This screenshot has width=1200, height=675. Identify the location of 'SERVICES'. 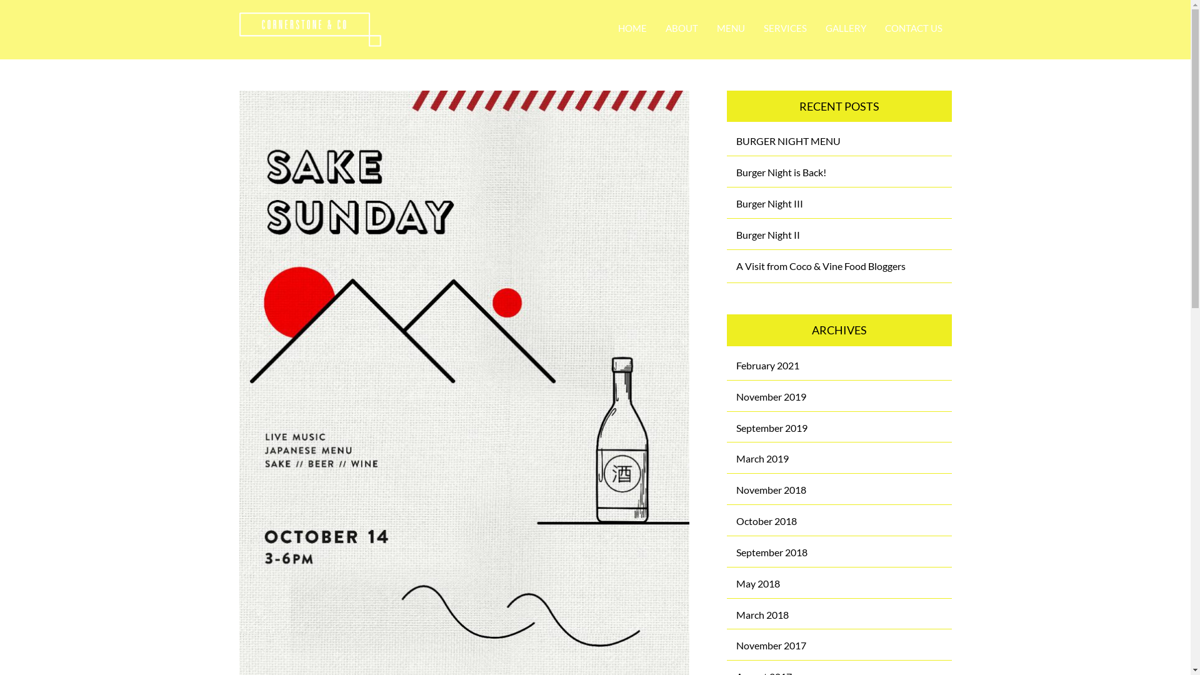
(784, 28).